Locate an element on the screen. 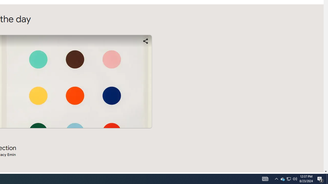 This screenshot has height=184, width=328. 'Share "Get to Know the Young British Artists"' is located at coordinates (145, 41).